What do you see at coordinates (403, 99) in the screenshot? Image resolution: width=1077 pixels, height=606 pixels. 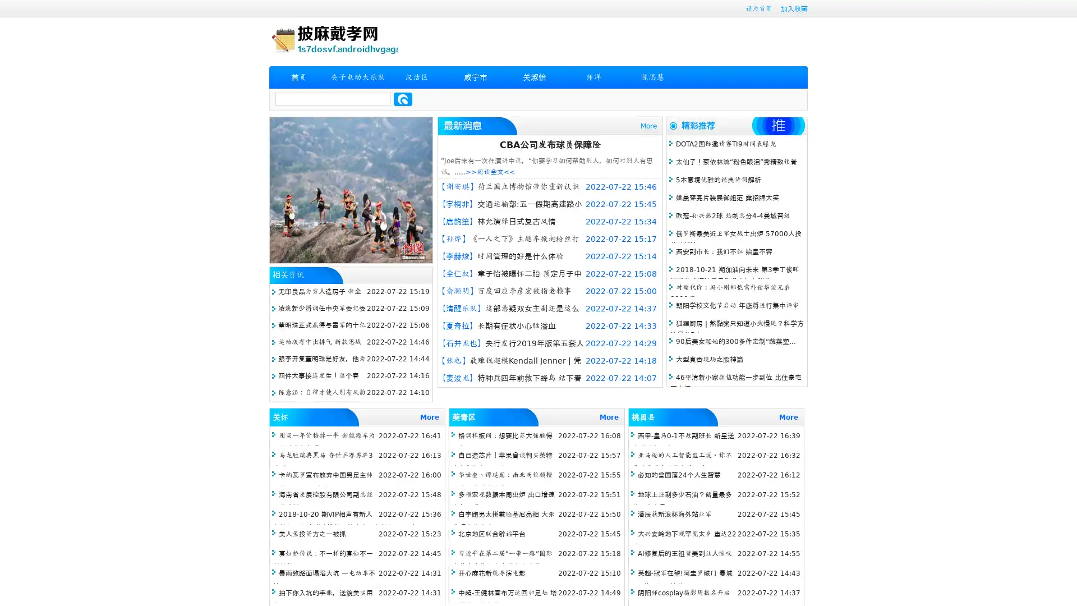 I see `Search` at bounding box center [403, 99].